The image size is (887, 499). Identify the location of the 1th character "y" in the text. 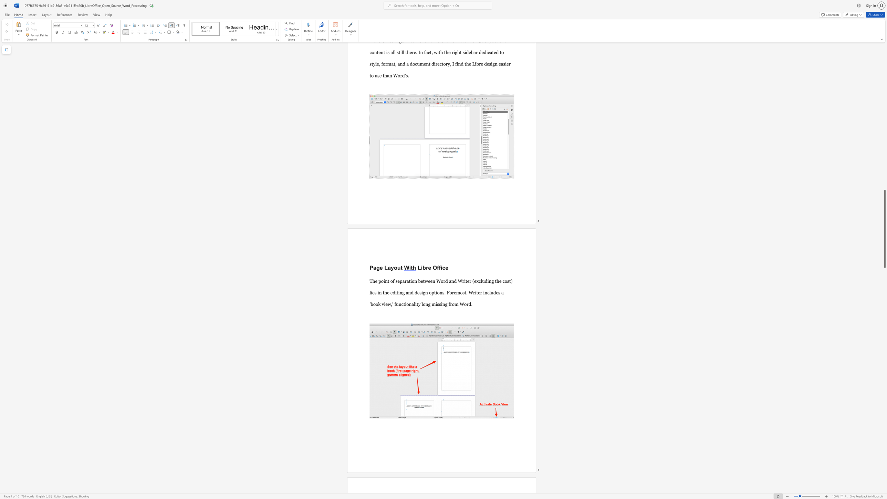
(392, 267).